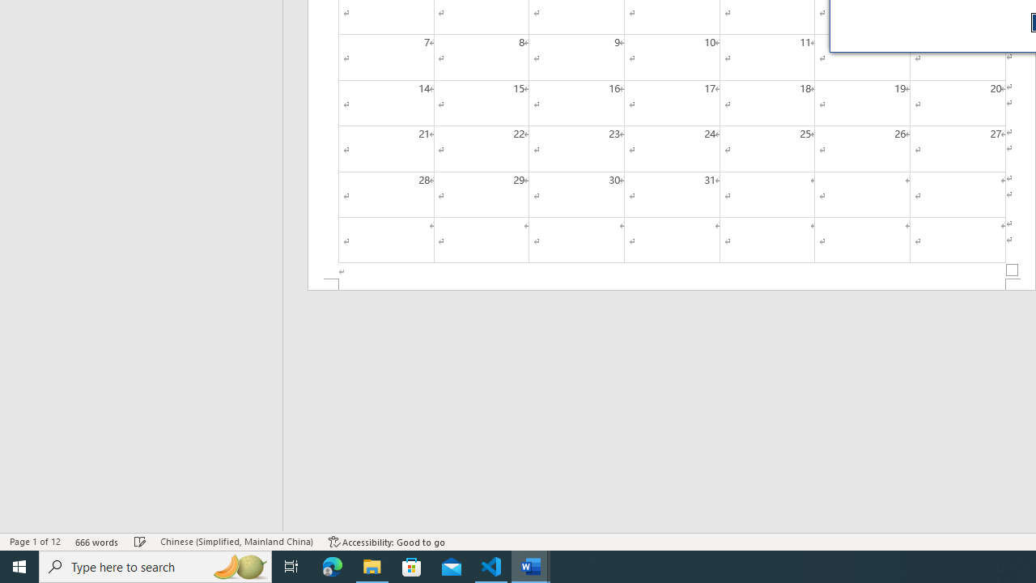  I want to click on 'Language Chinese (Simplified, Mainland China)', so click(236, 542).